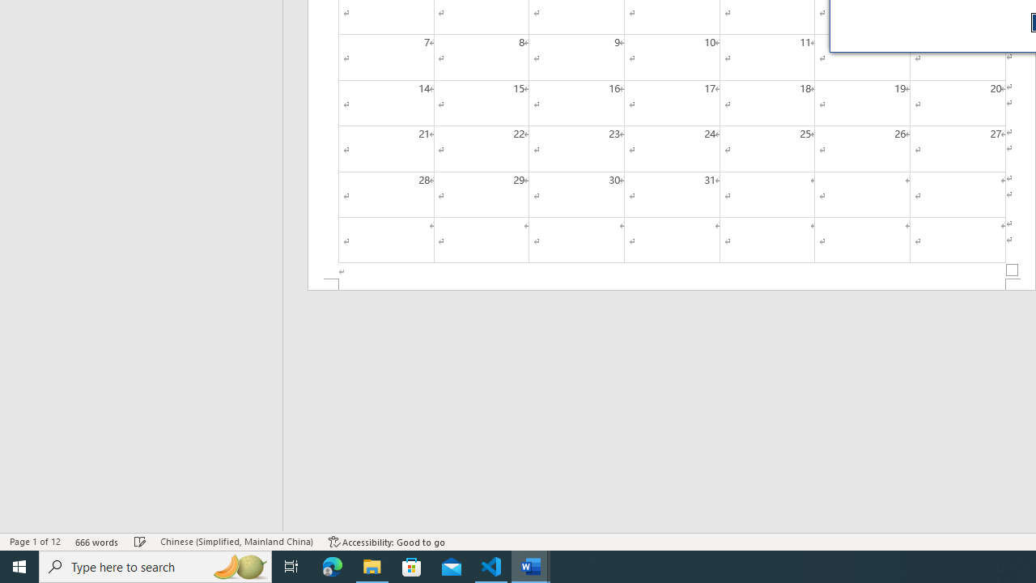  I want to click on 'Language Chinese (Simplified, Mainland China)', so click(236, 542).